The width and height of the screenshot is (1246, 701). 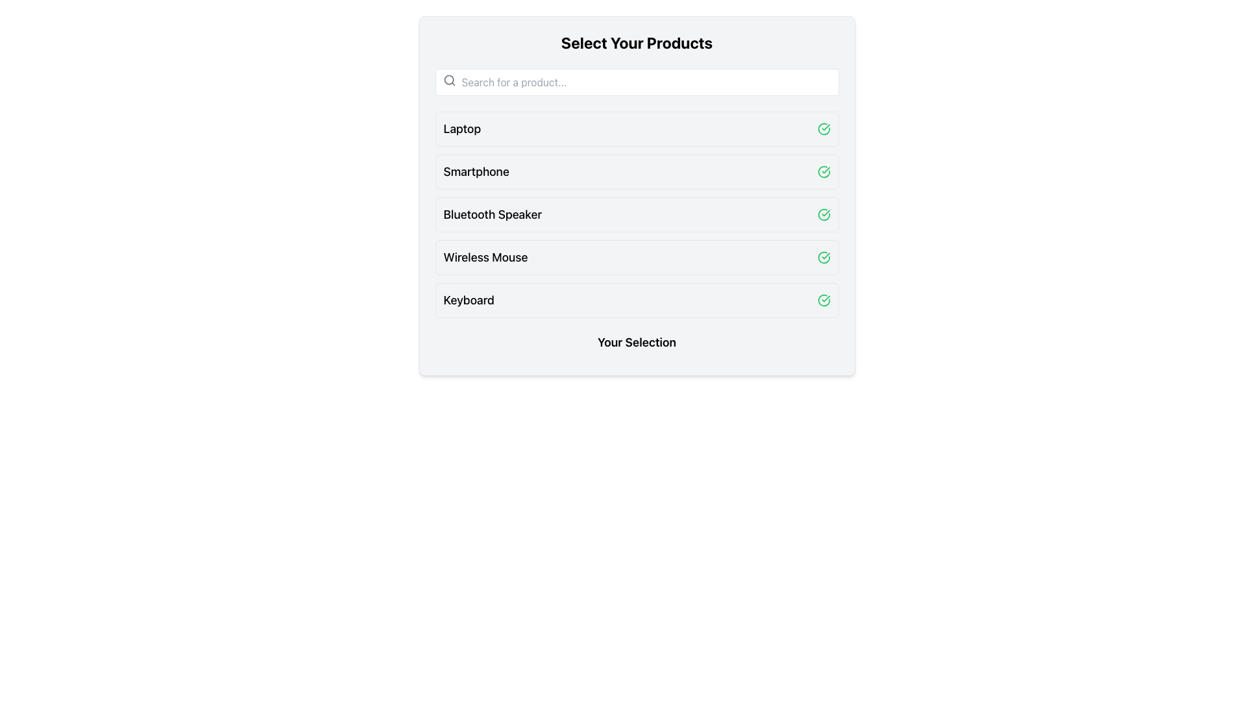 I want to click on the list item element labeled 'Bluetooth Speaker', which is the third item under 'Select Your Products', so click(x=637, y=214).